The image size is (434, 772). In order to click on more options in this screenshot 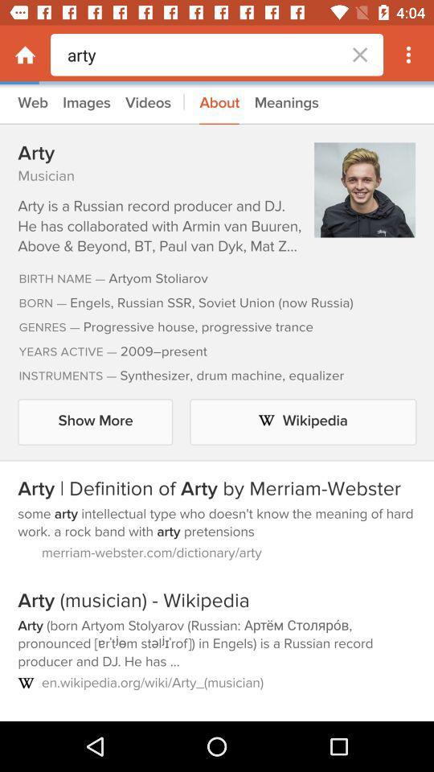, I will do `click(408, 55)`.